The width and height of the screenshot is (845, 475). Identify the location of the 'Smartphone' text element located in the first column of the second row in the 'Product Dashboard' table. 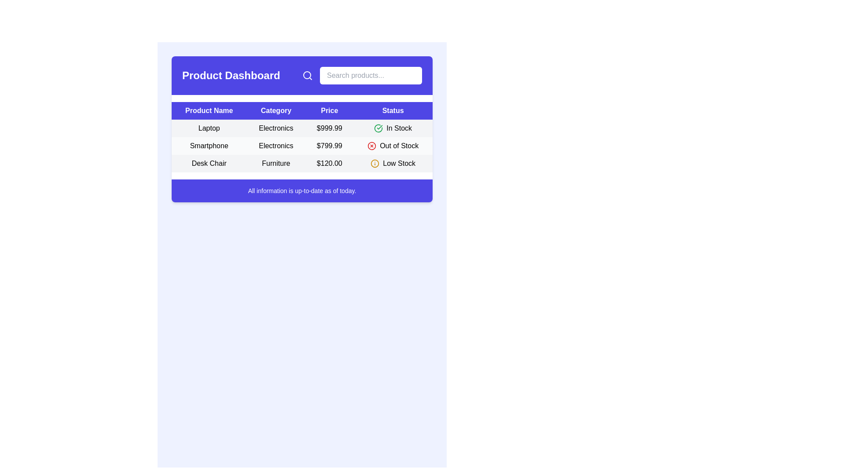
(209, 145).